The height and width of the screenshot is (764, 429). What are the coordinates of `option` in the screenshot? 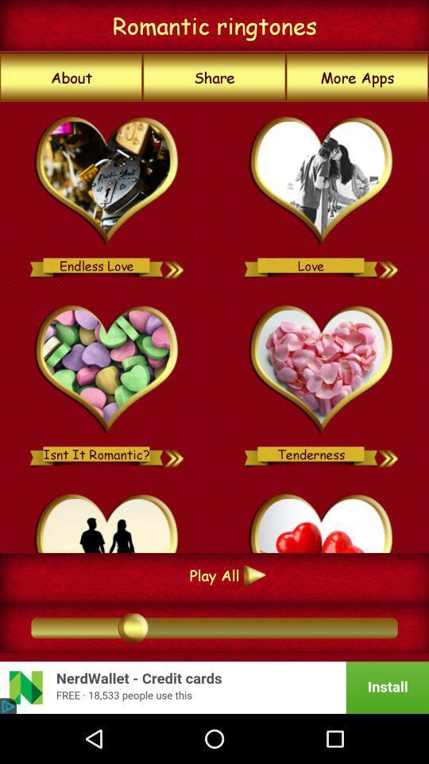 It's located at (107, 520).